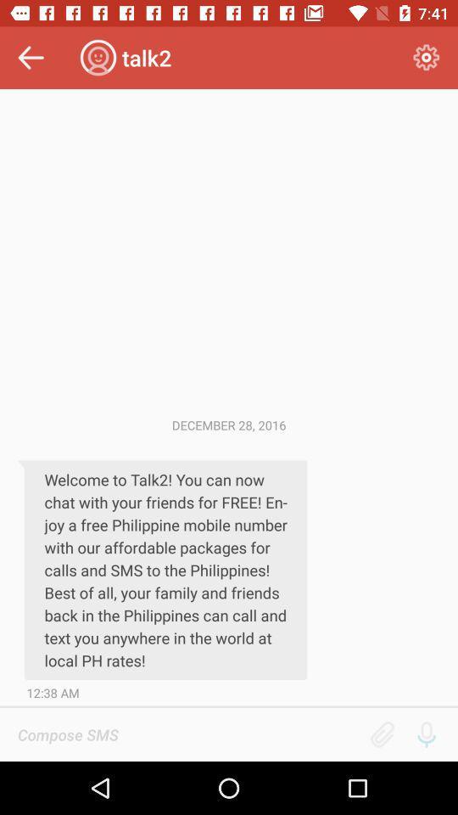 Image resolution: width=458 pixels, height=815 pixels. I want to click on digit the text, so click(187, 733).